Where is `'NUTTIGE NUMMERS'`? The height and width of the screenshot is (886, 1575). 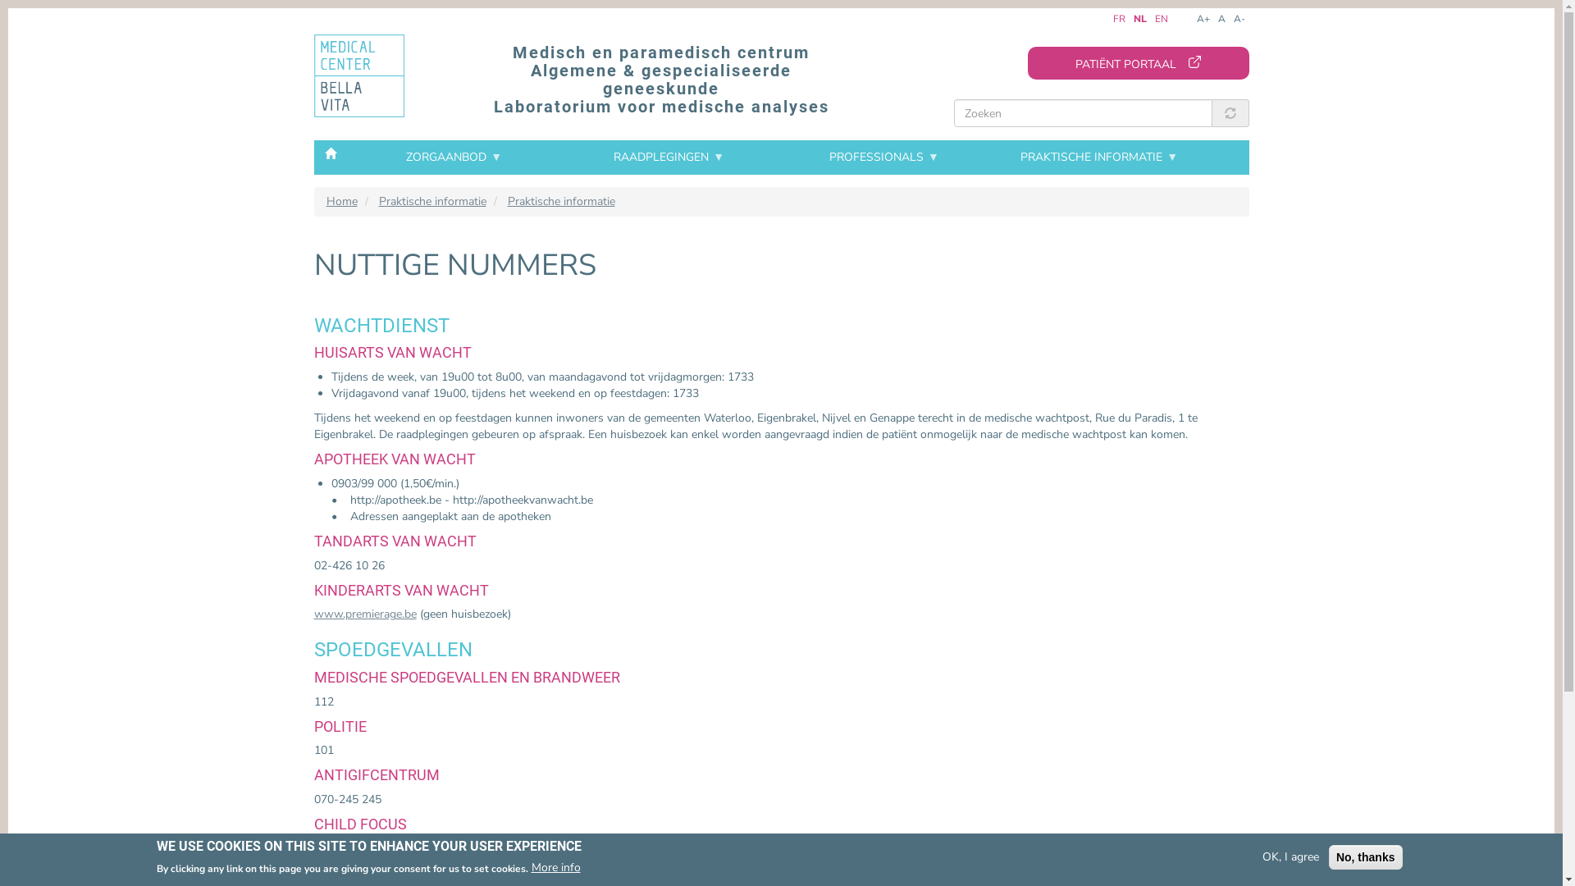
'NUTTIGE NUMMERS' is located at coordinates (418, 343).